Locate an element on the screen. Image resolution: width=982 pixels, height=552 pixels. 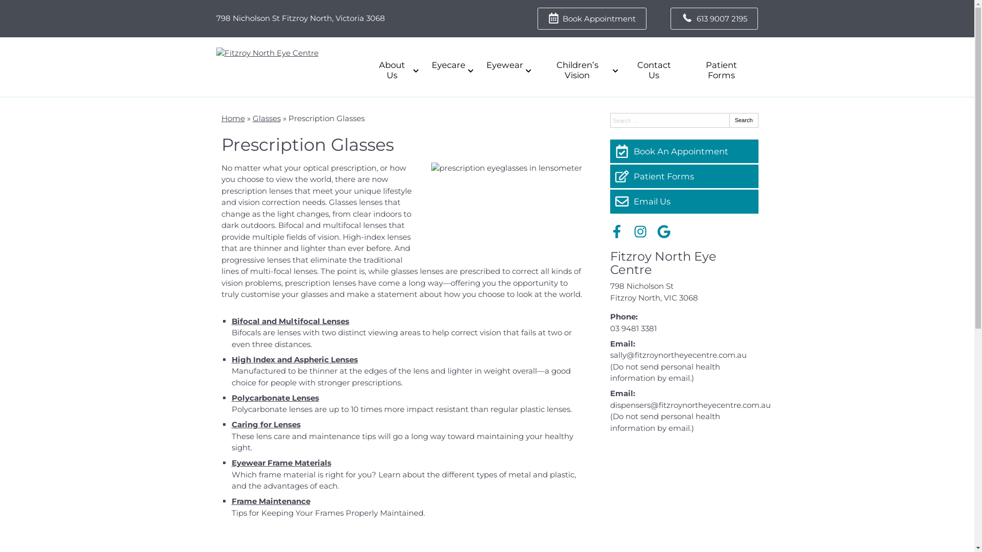
'03 9481 3381' is located at coordinates (609, 328).